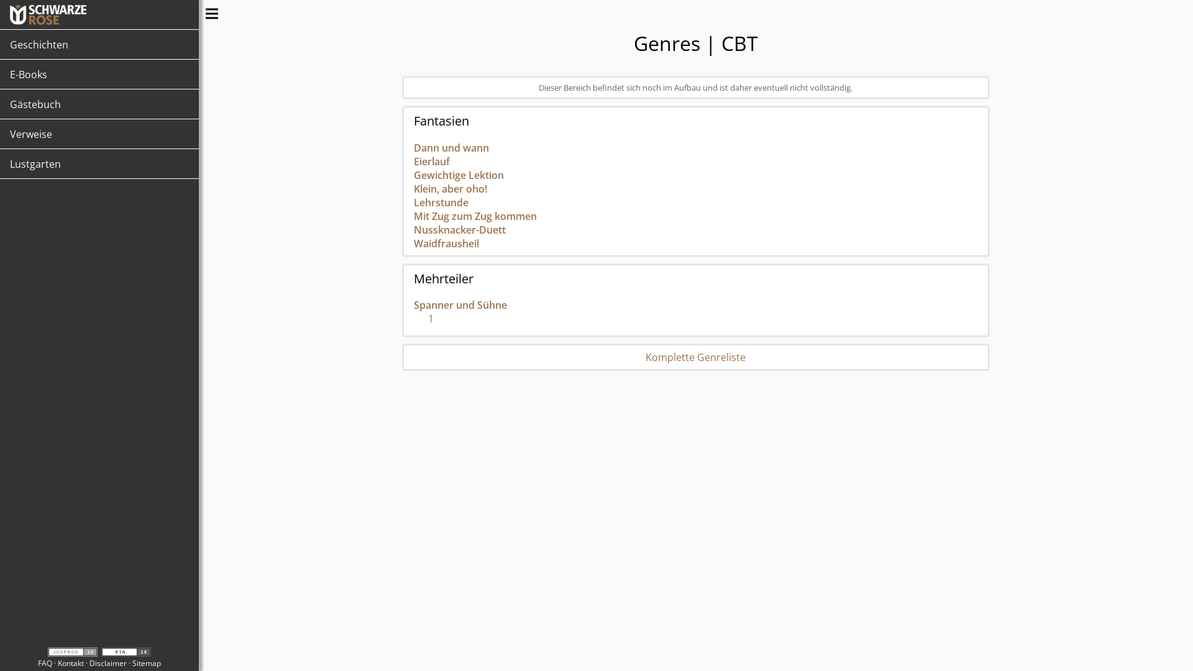 Image resolution: width=1193 pixels, height=671 pixels. I want to click on 'FAQ', so click(45, 662).